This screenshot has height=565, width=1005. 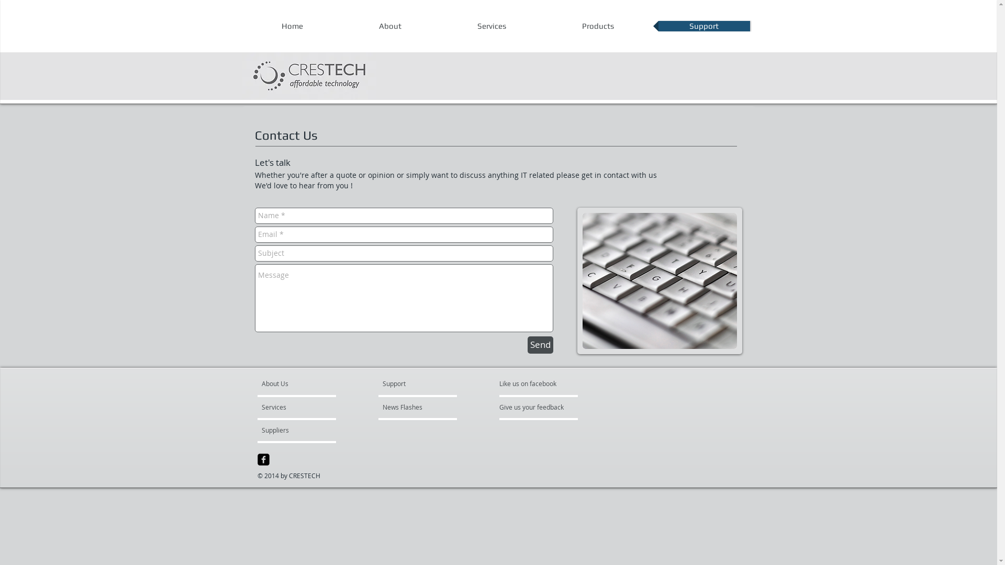 What do you see at coordinates (440, 26) in the screenshot?
I see `'Services'` at bounding box center [440, 26].